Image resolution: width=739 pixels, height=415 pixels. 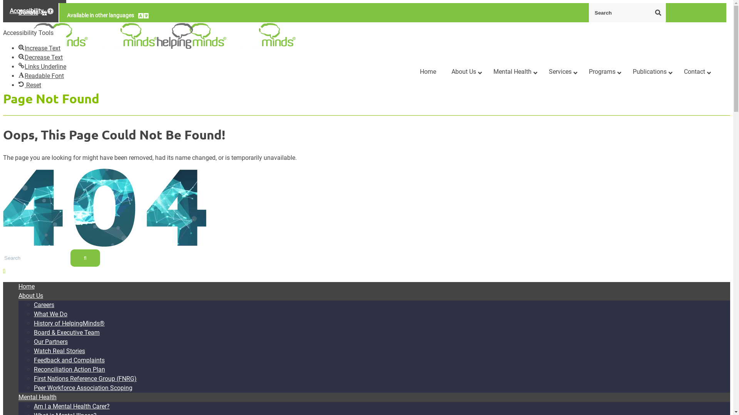 What do you see at coordinates (30, 85) in the screenshot?
I see `'Reset Reset'` at bounding box center [30, 85].